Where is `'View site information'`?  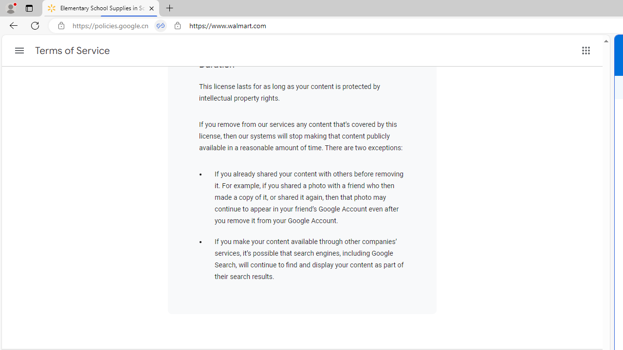 'View site information' is located at coordinates (178, 25).